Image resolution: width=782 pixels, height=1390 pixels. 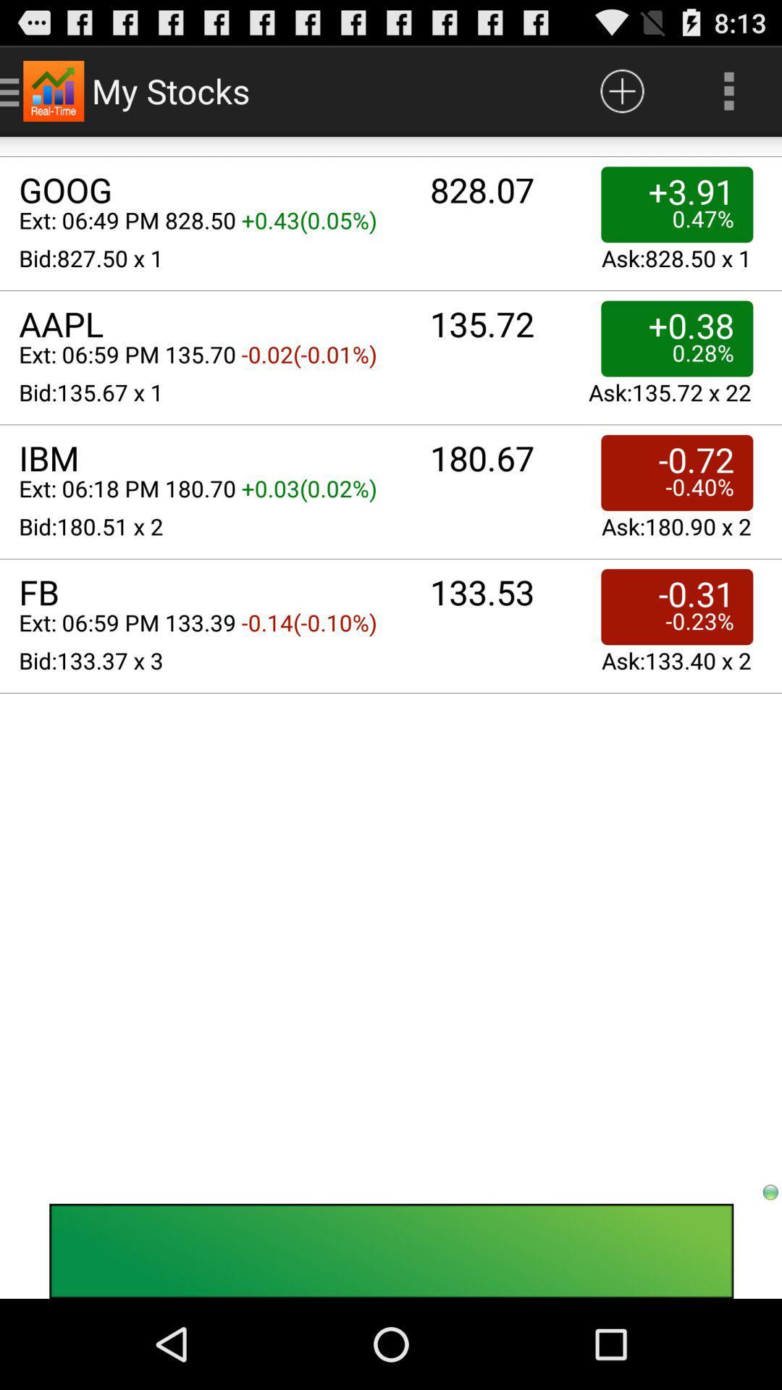 What do you see at coordinates (621, 90) in the screenshot?
I see `app above the +3.91 app` at bounding box center [621, 90].